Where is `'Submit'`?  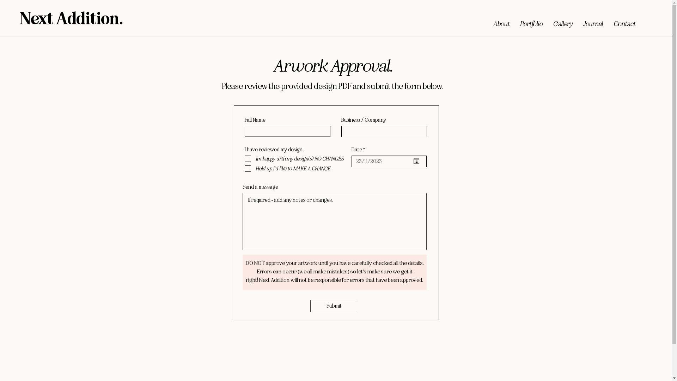
'Submit' is located at coordinates (334, 306).